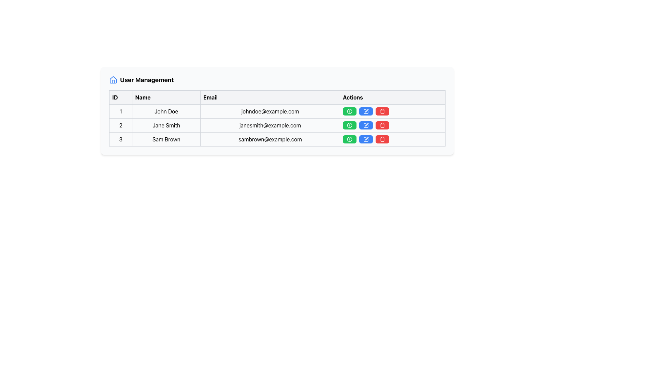  I want to click on the second button from the left in the 'Actions' column of the second row of the table, so click(366, 125).